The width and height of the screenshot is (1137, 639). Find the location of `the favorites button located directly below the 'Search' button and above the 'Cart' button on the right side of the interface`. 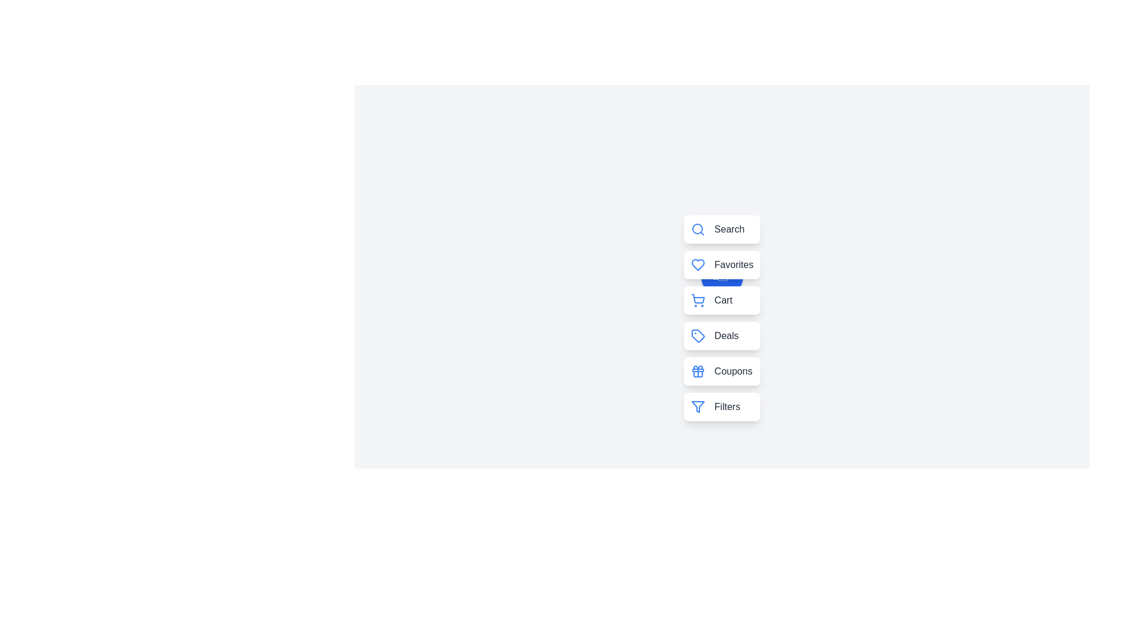

the favorites button located directly below the 'Search' button and above the 'Cart' button on the right side of the interface is located at coordinates (721, 264).